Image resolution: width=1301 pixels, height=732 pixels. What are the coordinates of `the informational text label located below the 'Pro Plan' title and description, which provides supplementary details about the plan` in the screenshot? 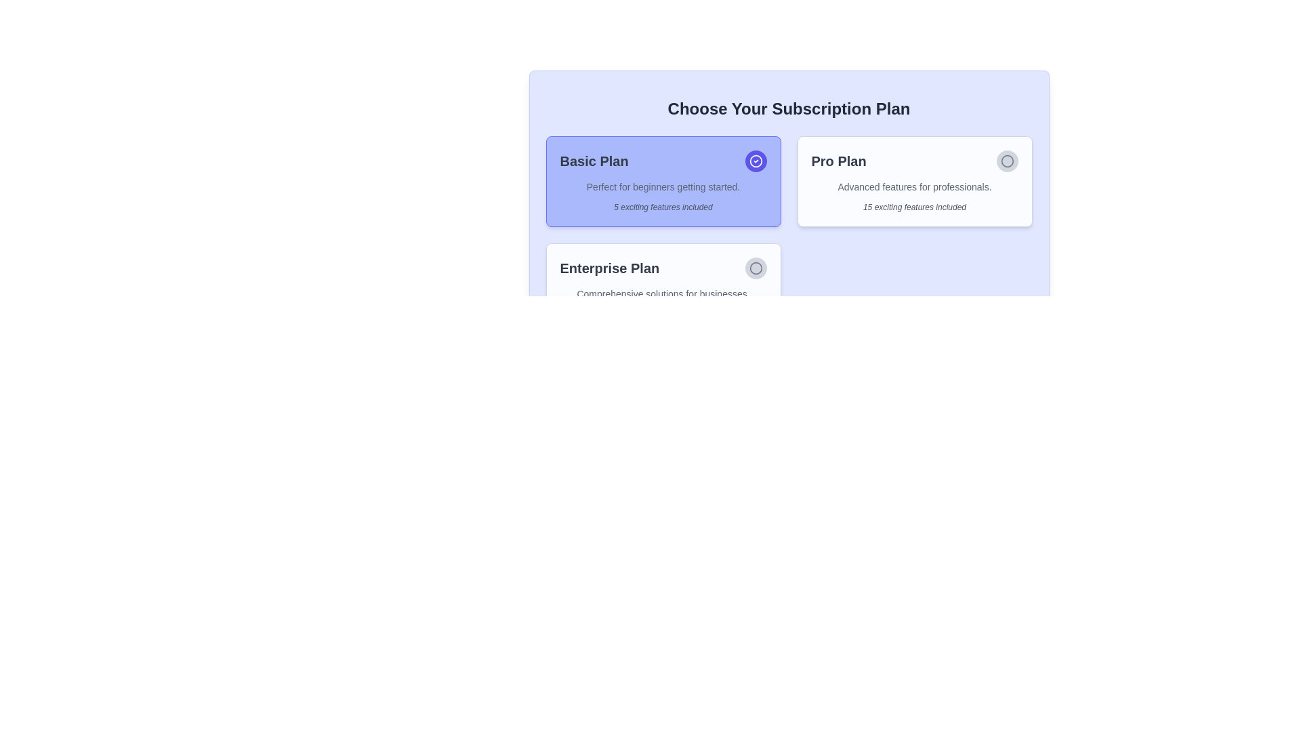 It's located at (914, 207).